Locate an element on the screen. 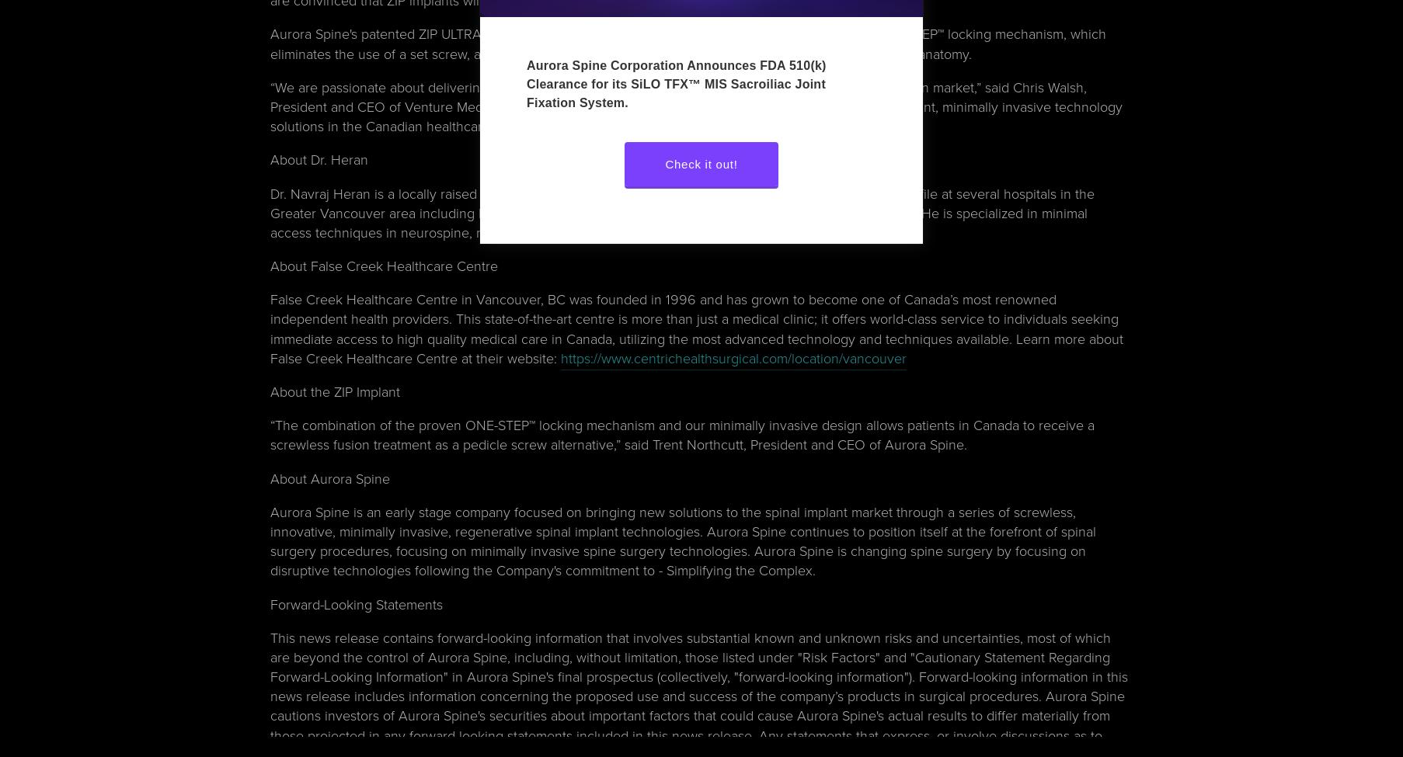 This screenshot has width=1403, height=757. 'About Dr. Heran' is located at coordinates (319, 160).